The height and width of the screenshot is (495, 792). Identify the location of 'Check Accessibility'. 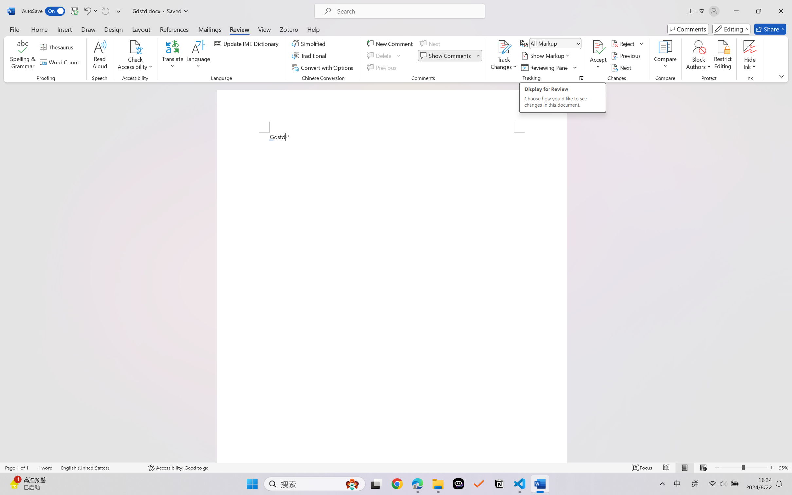
(135, 56).